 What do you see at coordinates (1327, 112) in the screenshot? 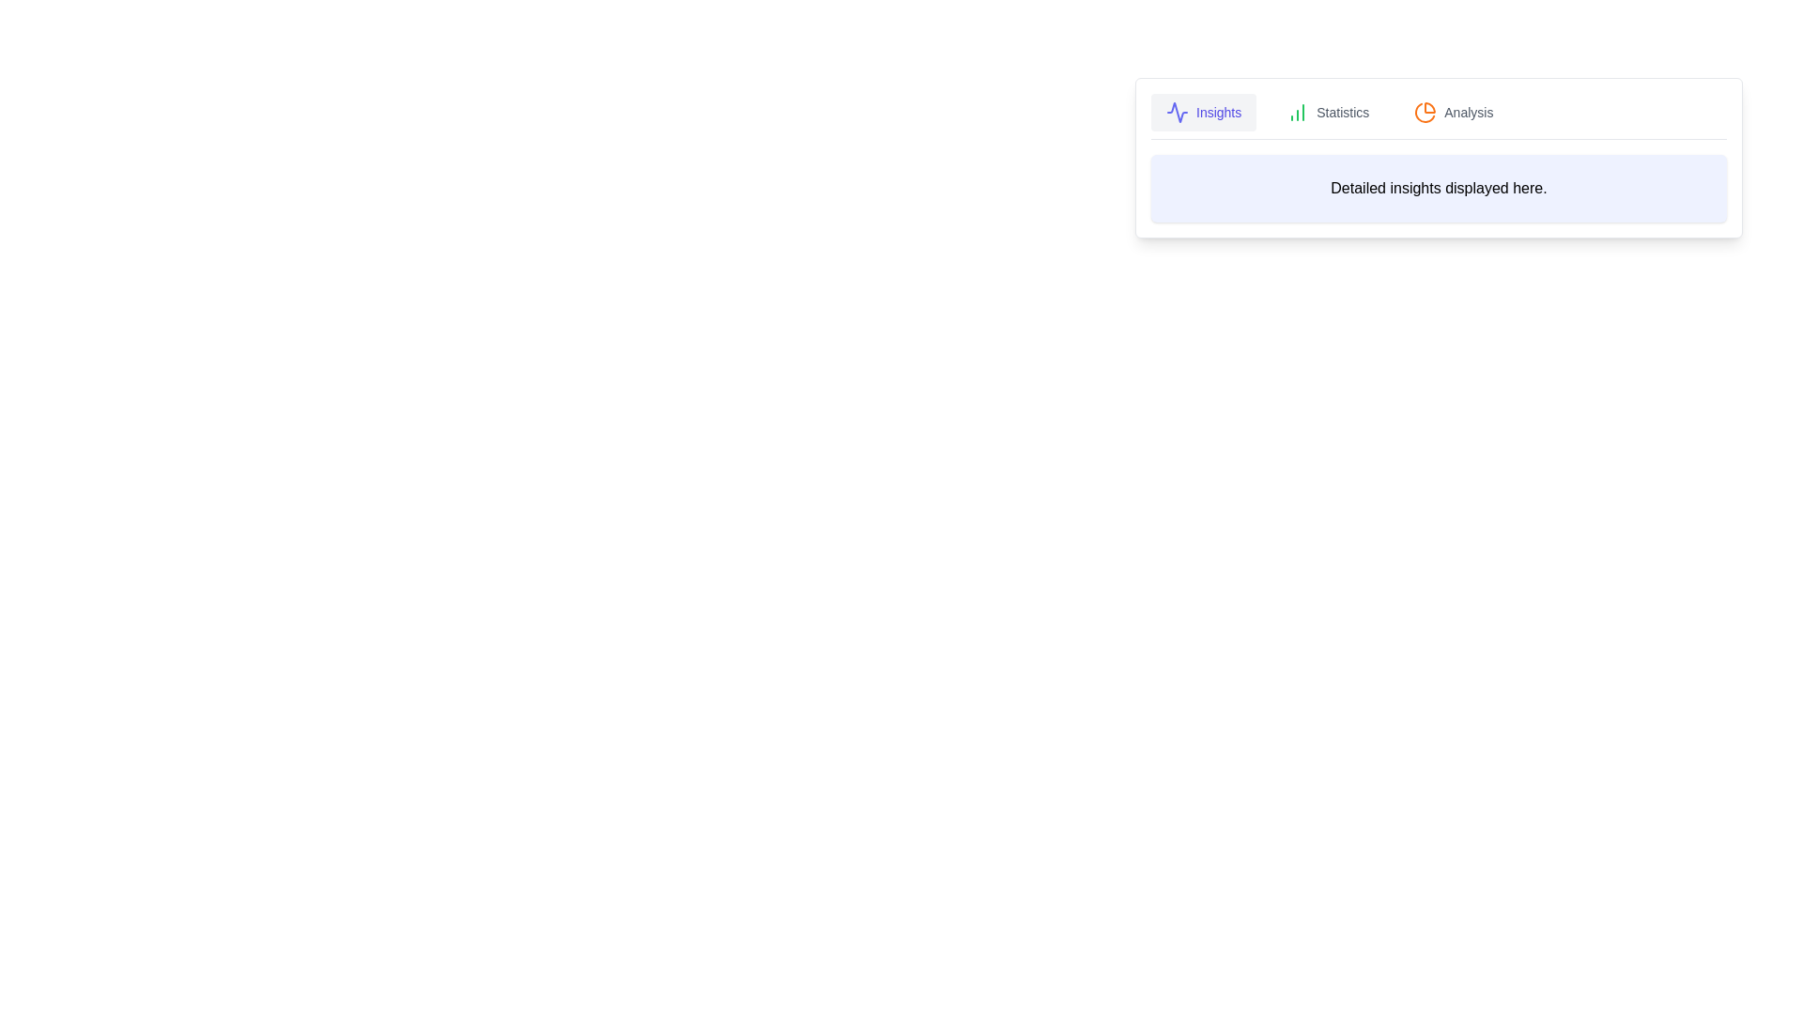
I see `the Statistics tab to view its content` at bounding box center [1327, 112].